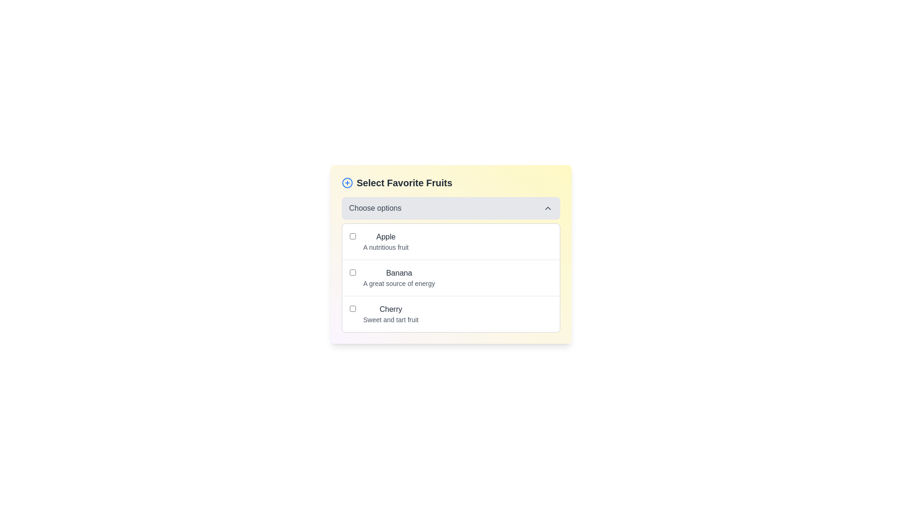  Describe the element at coordinates (386, 246) in the screenshot. I see `the text label providing additional information about the 'Apple' option, located below the word 'Apple' in the 'Select Favorite Fruits' menu` at that location.